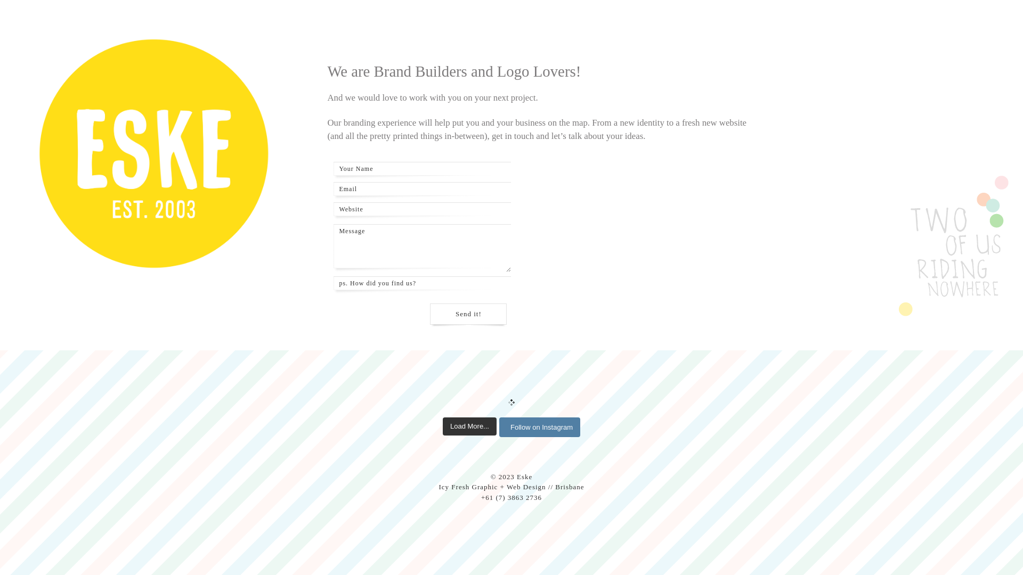 Image resolution: width=1023 pixels, height=575 pixels. Describe the element at coordinates (469, 426) in the screenshot. I see `'Load More...'` at that location.